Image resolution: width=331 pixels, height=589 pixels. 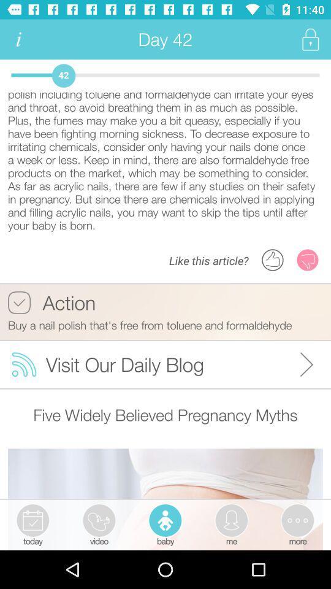 I want to click on dislike the article, so click(x=307, y=260).